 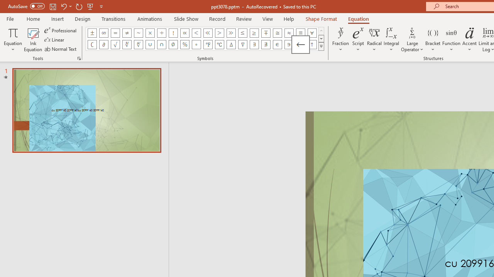 What do you see at coordinates (103, 44) in the screenshot?
I see `'Equation Symbol Partial Differential'` at bounding box center [103, 44].